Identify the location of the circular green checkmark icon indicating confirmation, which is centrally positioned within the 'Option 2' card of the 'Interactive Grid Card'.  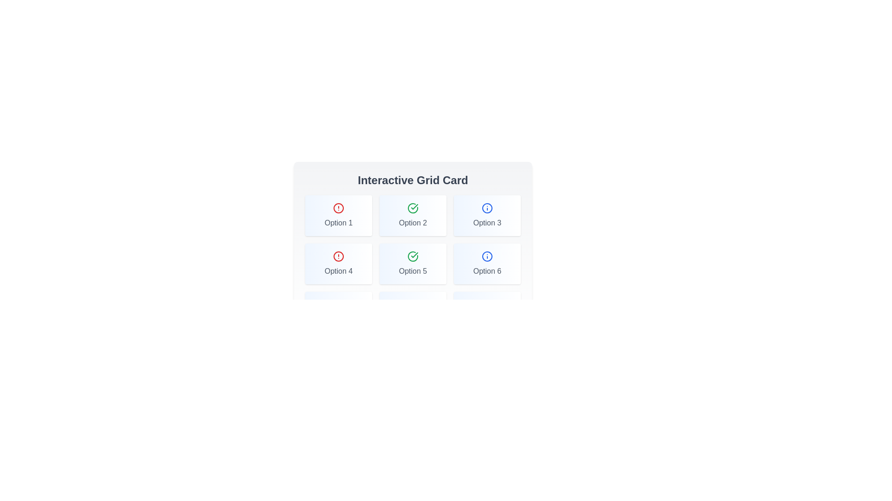
(412, 207).